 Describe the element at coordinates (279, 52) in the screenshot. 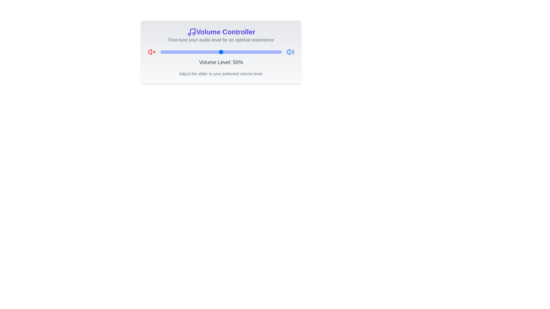

I see `the volume slider to set the volume to 98%` at that location.